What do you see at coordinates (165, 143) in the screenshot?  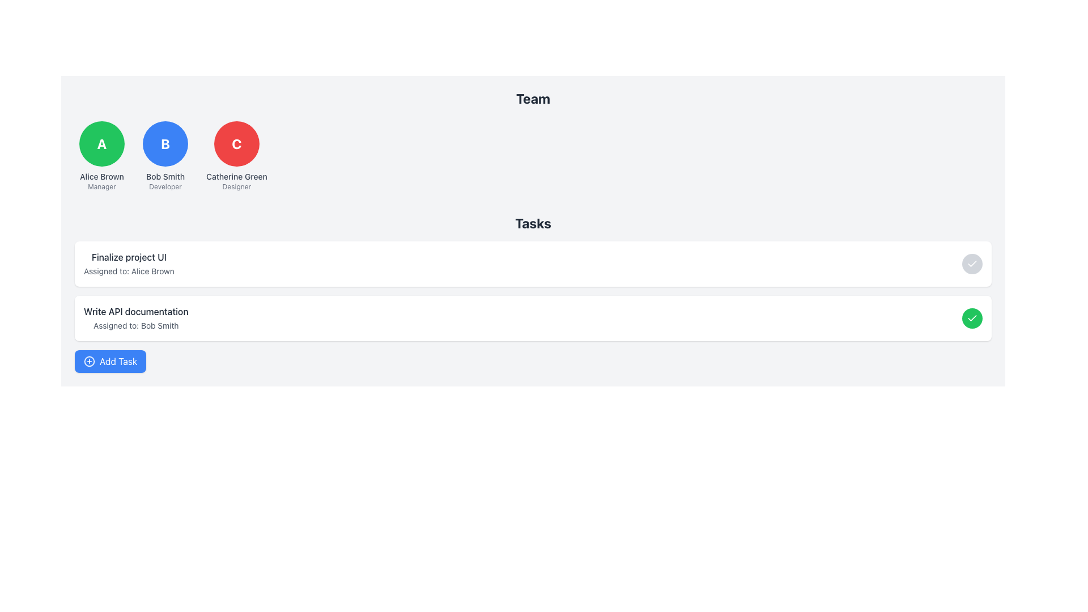 I see `the circular blue avatar icon with the letter 'B' in white, located in the 'Team' section, above 'Bob Smith' and 'Developer'` at bounding box center [165, 143].